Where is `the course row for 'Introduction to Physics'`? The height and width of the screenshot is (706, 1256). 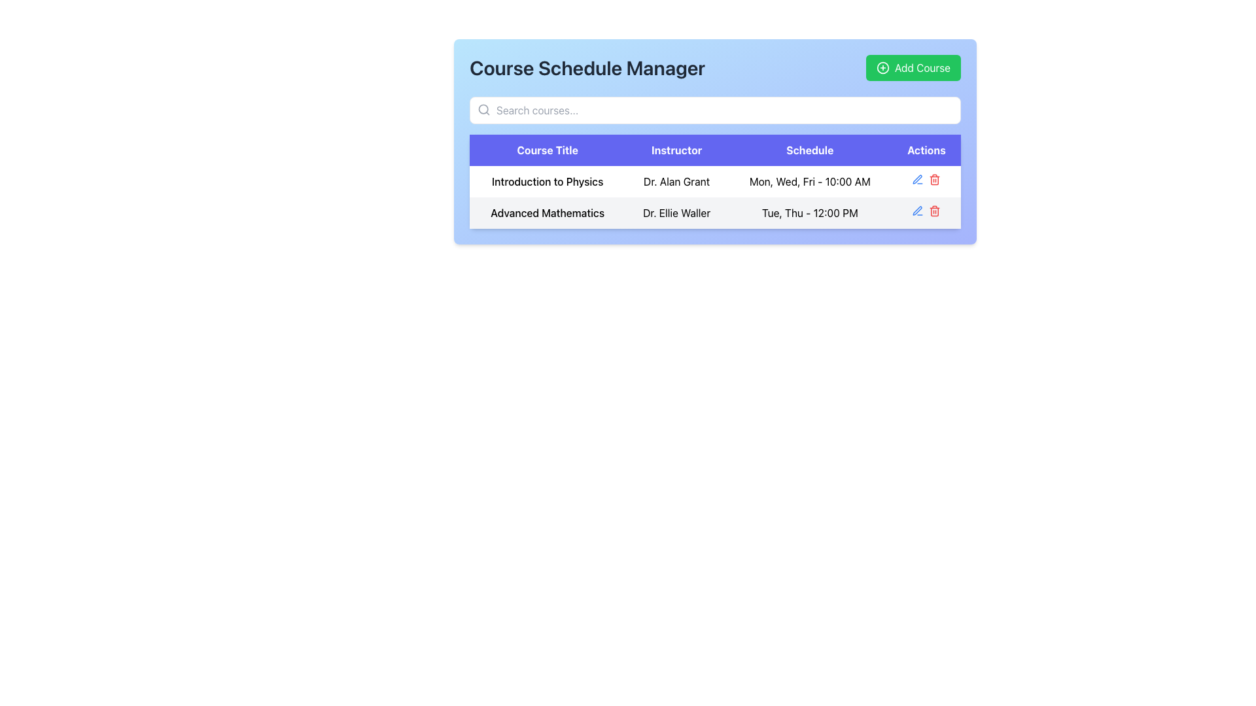
the course row for 'Introduction to Physics' is located at coordinates (714, 197).